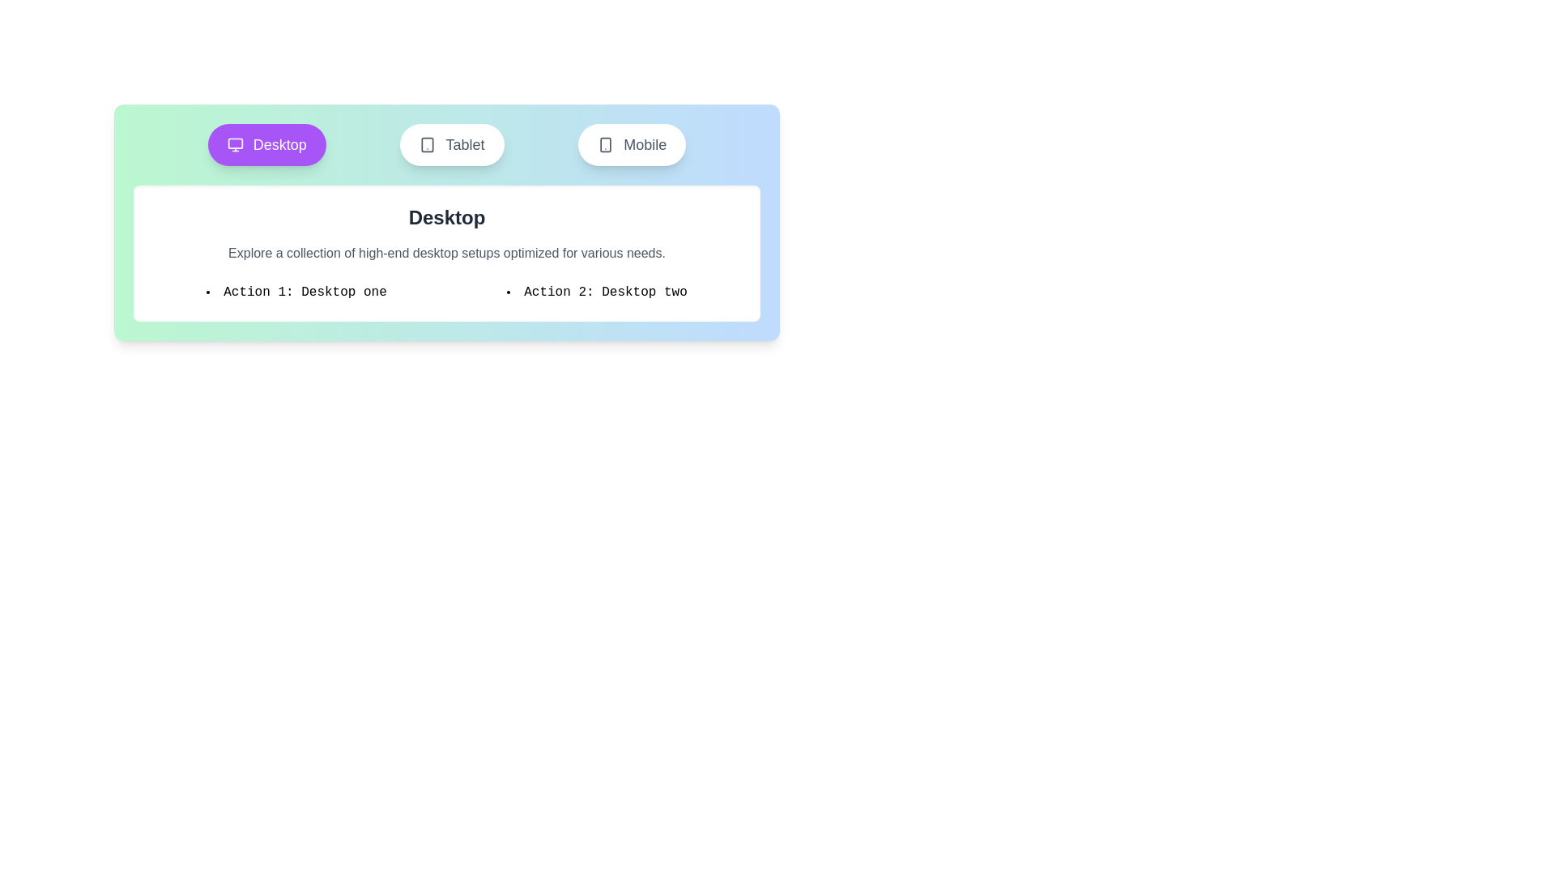 The image size is (1555, 875). I want to click on the Tablet tab by clicking on its button, so click(452, 143).